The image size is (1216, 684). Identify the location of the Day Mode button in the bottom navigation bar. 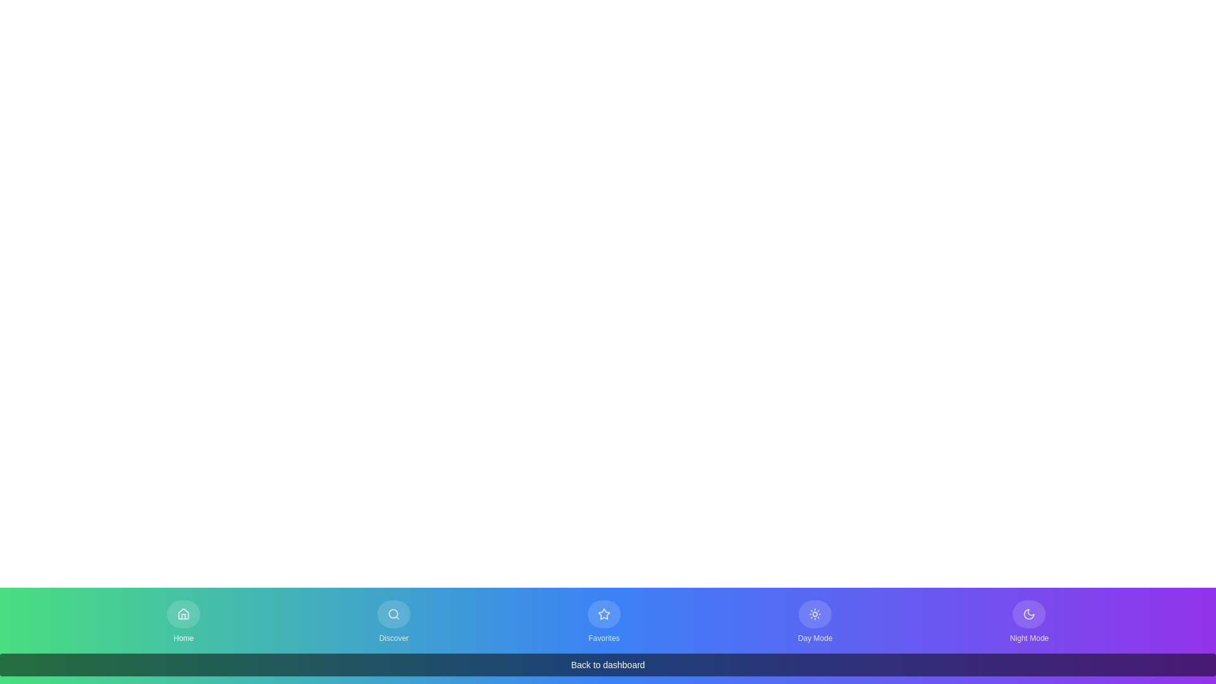
(815, 621).